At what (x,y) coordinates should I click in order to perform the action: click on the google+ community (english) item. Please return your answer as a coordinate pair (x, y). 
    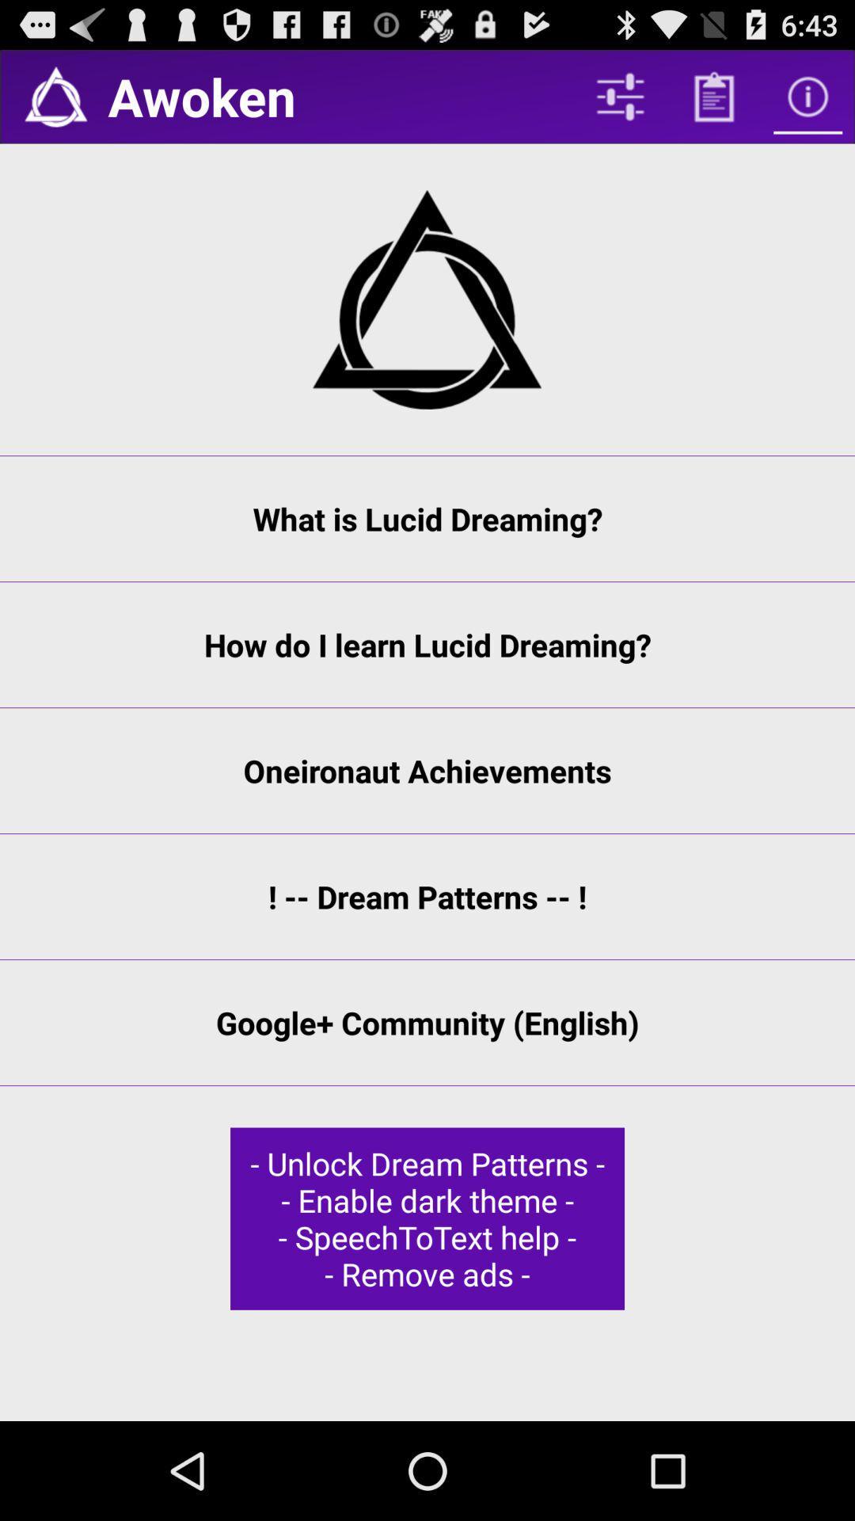
    Looking at the image, I should click on (427, 1023).